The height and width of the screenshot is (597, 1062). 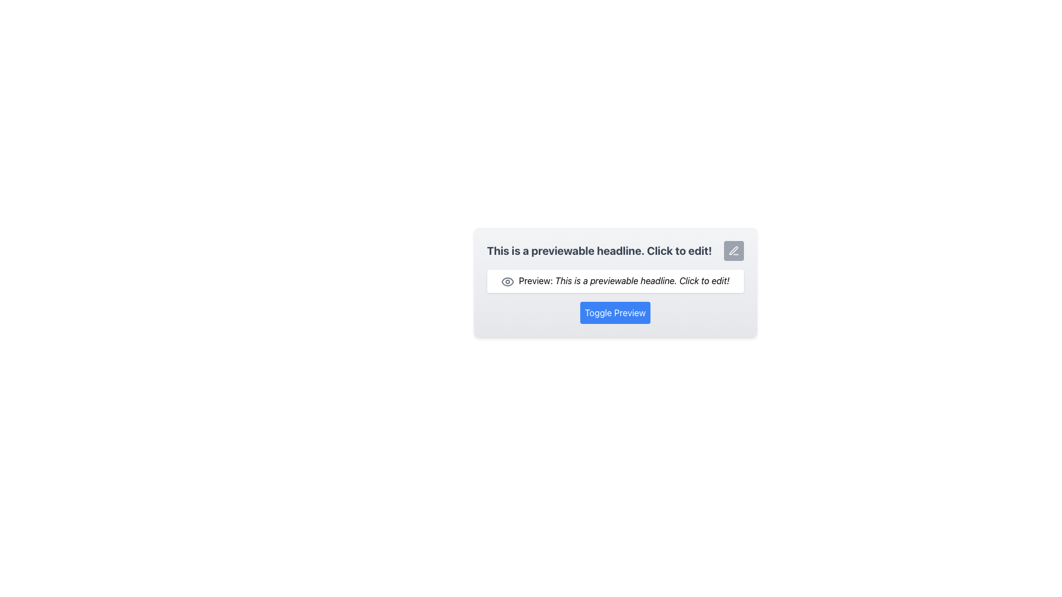 What do you see at coordinates (615, 280) in the screenshot?
I see `the editable text box that serves as a description or preview, located below the main headline and above the 'Toggle Preview' button` at bounding box center [615, 280].